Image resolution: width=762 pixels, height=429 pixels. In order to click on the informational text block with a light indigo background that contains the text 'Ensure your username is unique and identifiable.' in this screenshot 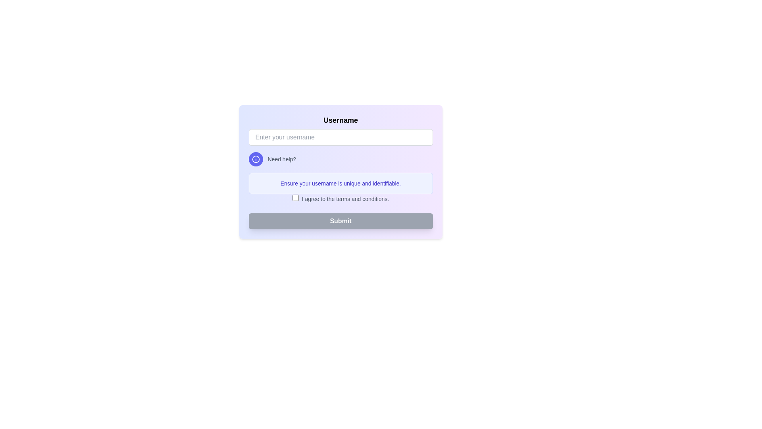, I will do `click(341, 184)`.